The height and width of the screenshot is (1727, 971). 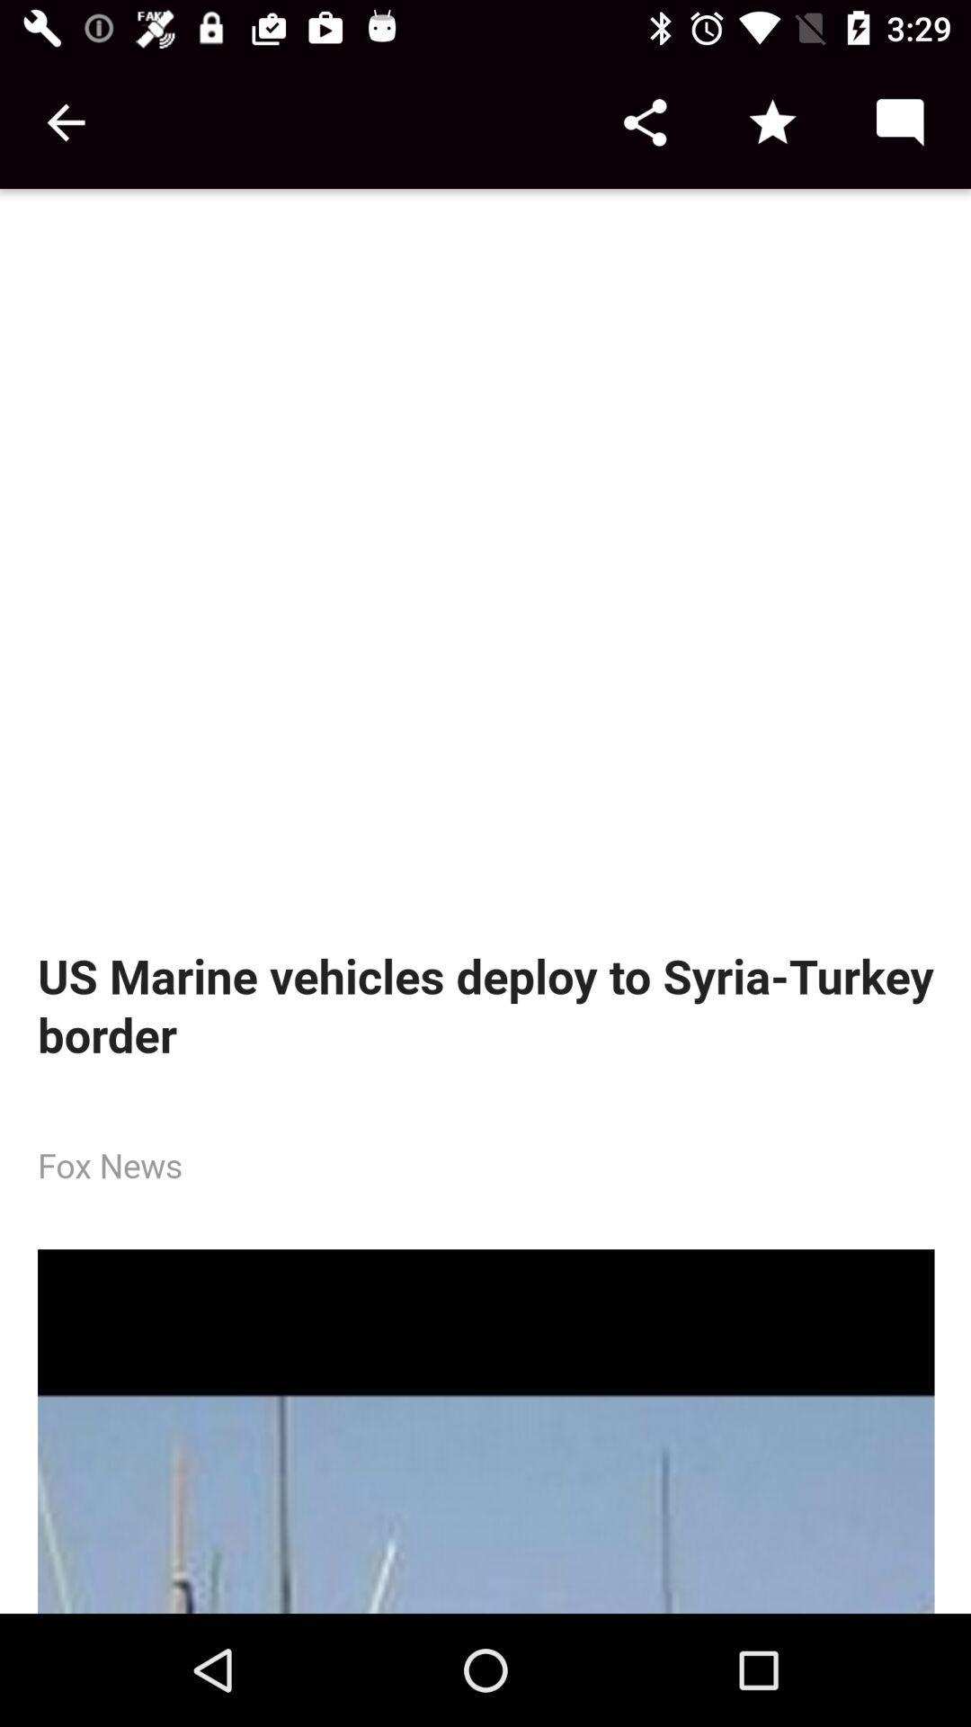 I want to click on message, so click(x=899, y=121).